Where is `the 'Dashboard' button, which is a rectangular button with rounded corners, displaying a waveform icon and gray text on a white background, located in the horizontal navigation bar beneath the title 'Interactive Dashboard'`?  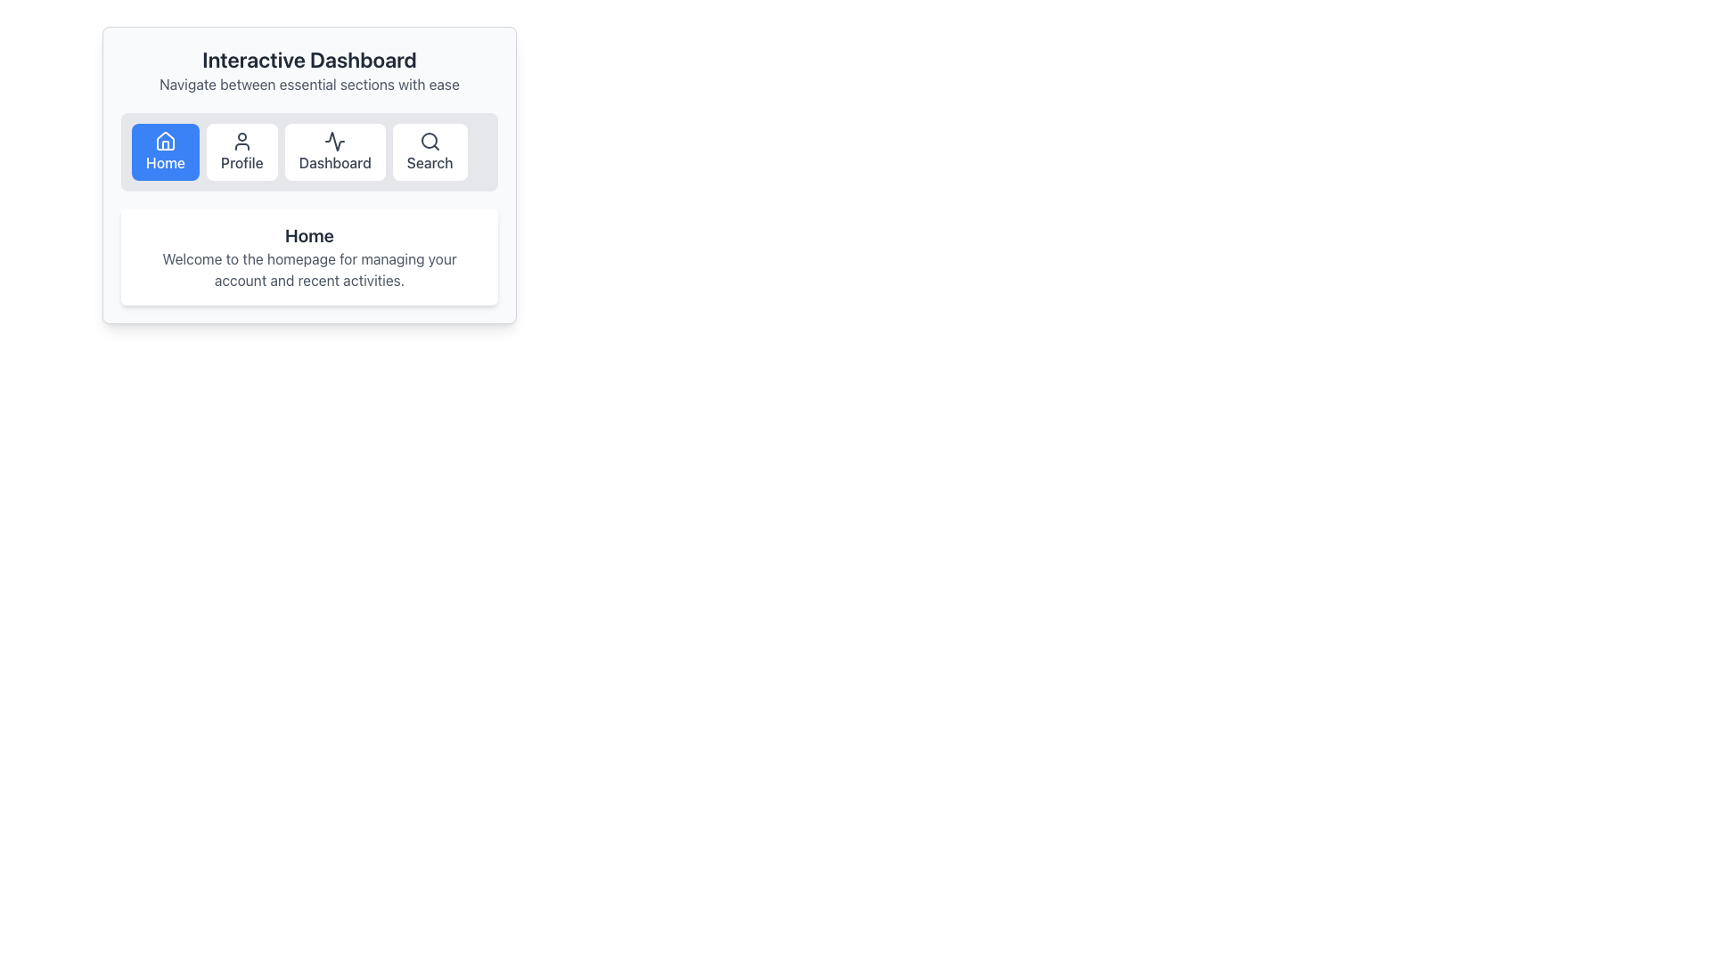
the 'Dashboard' button, which is a rectangular button with rounded corners, displaying a waveform icon and gray text on a white background, located in the horizontal navigation bar beneath the title 'Interactive Dashboard' is located at coordinates (335, 151).